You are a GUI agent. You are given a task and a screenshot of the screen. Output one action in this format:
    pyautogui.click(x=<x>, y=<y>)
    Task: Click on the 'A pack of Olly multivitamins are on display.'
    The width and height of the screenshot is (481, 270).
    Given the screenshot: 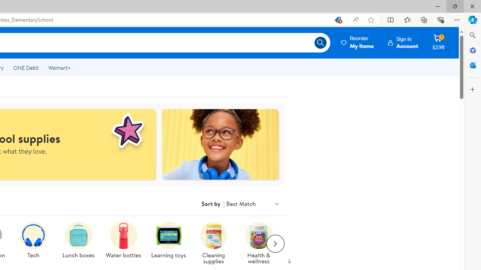 What is the action you would take?
    pyautogui.click(x=259, y=235)
    